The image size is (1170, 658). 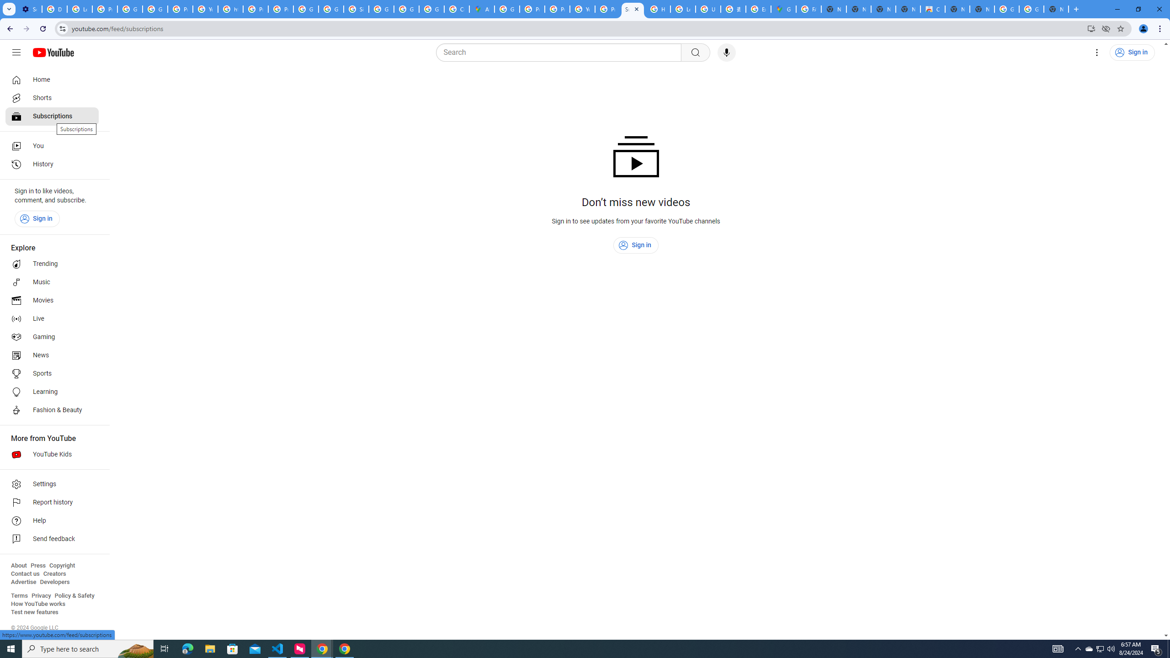 I want to click on 'Google Images', so click(x=1006, y=9).